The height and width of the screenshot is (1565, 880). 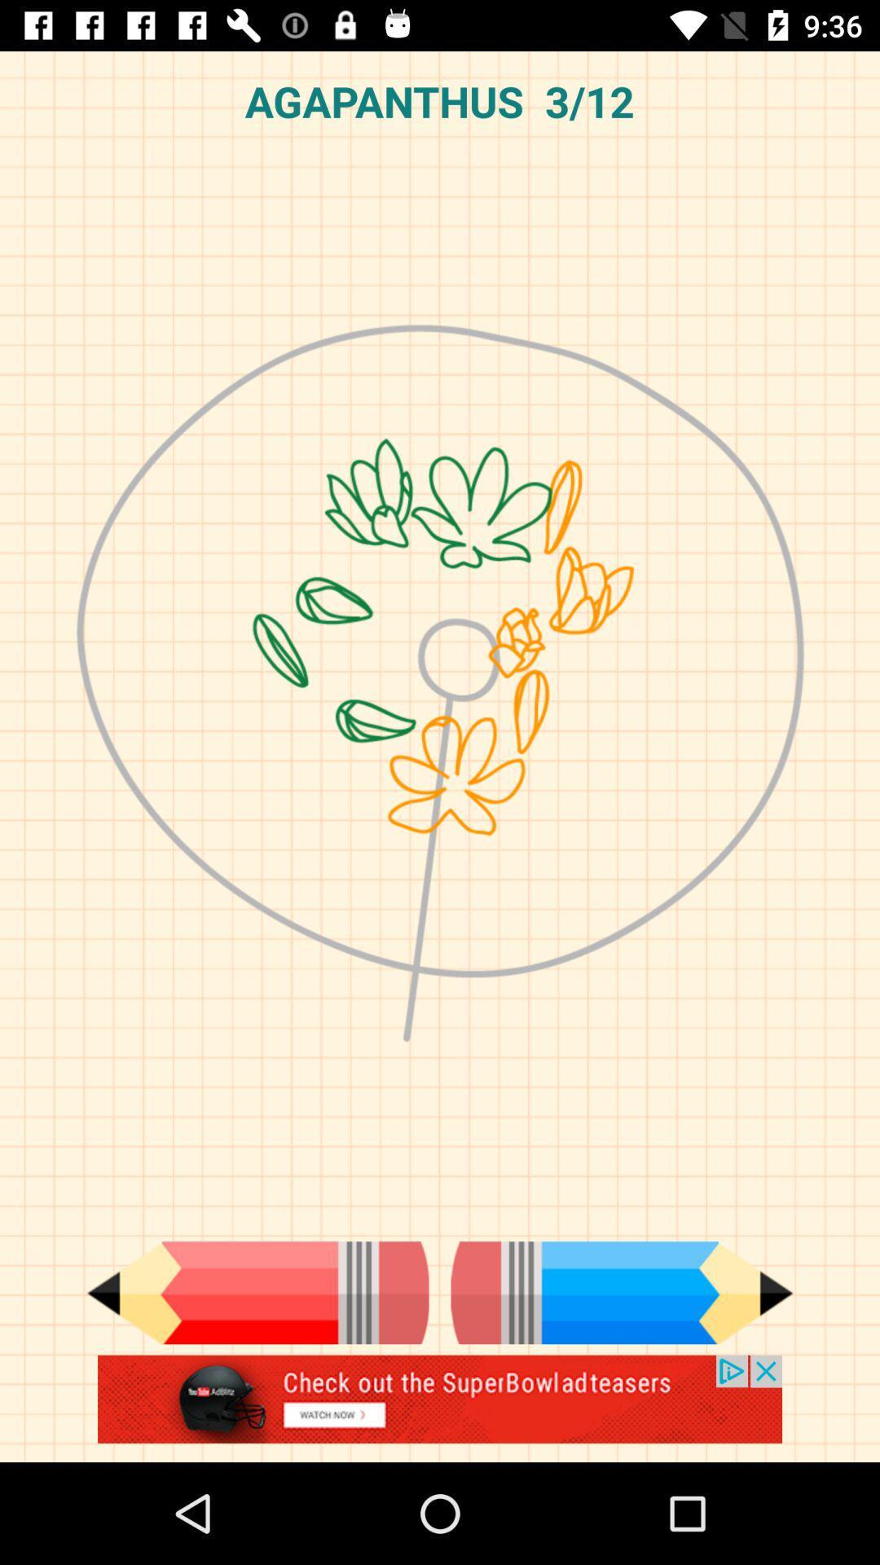 I want to click on advertisement banner, so click(x=440, y=1408).